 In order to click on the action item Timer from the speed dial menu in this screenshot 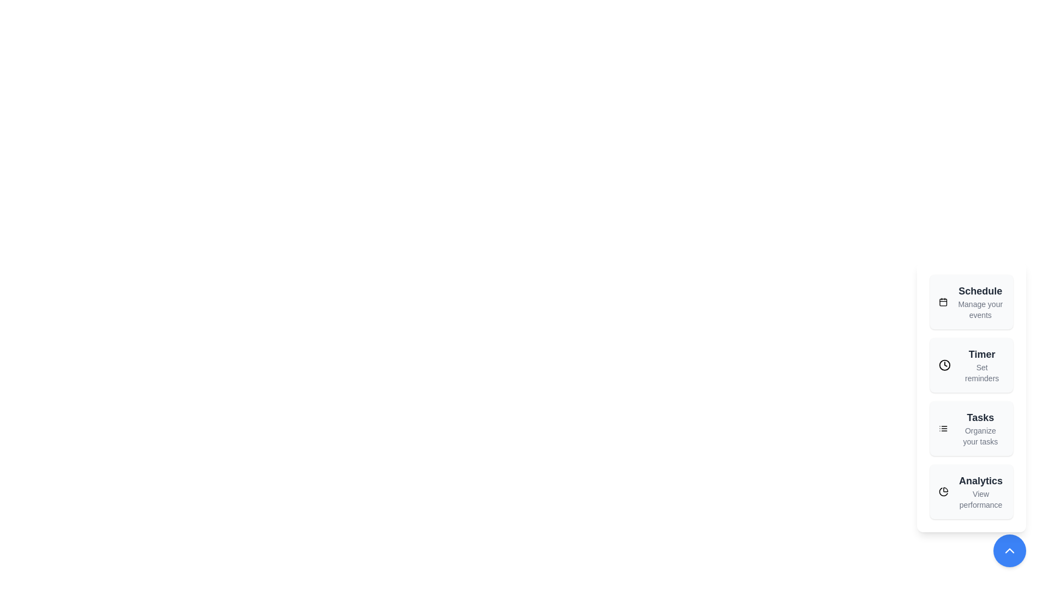, I will do `click(972, 365)`.